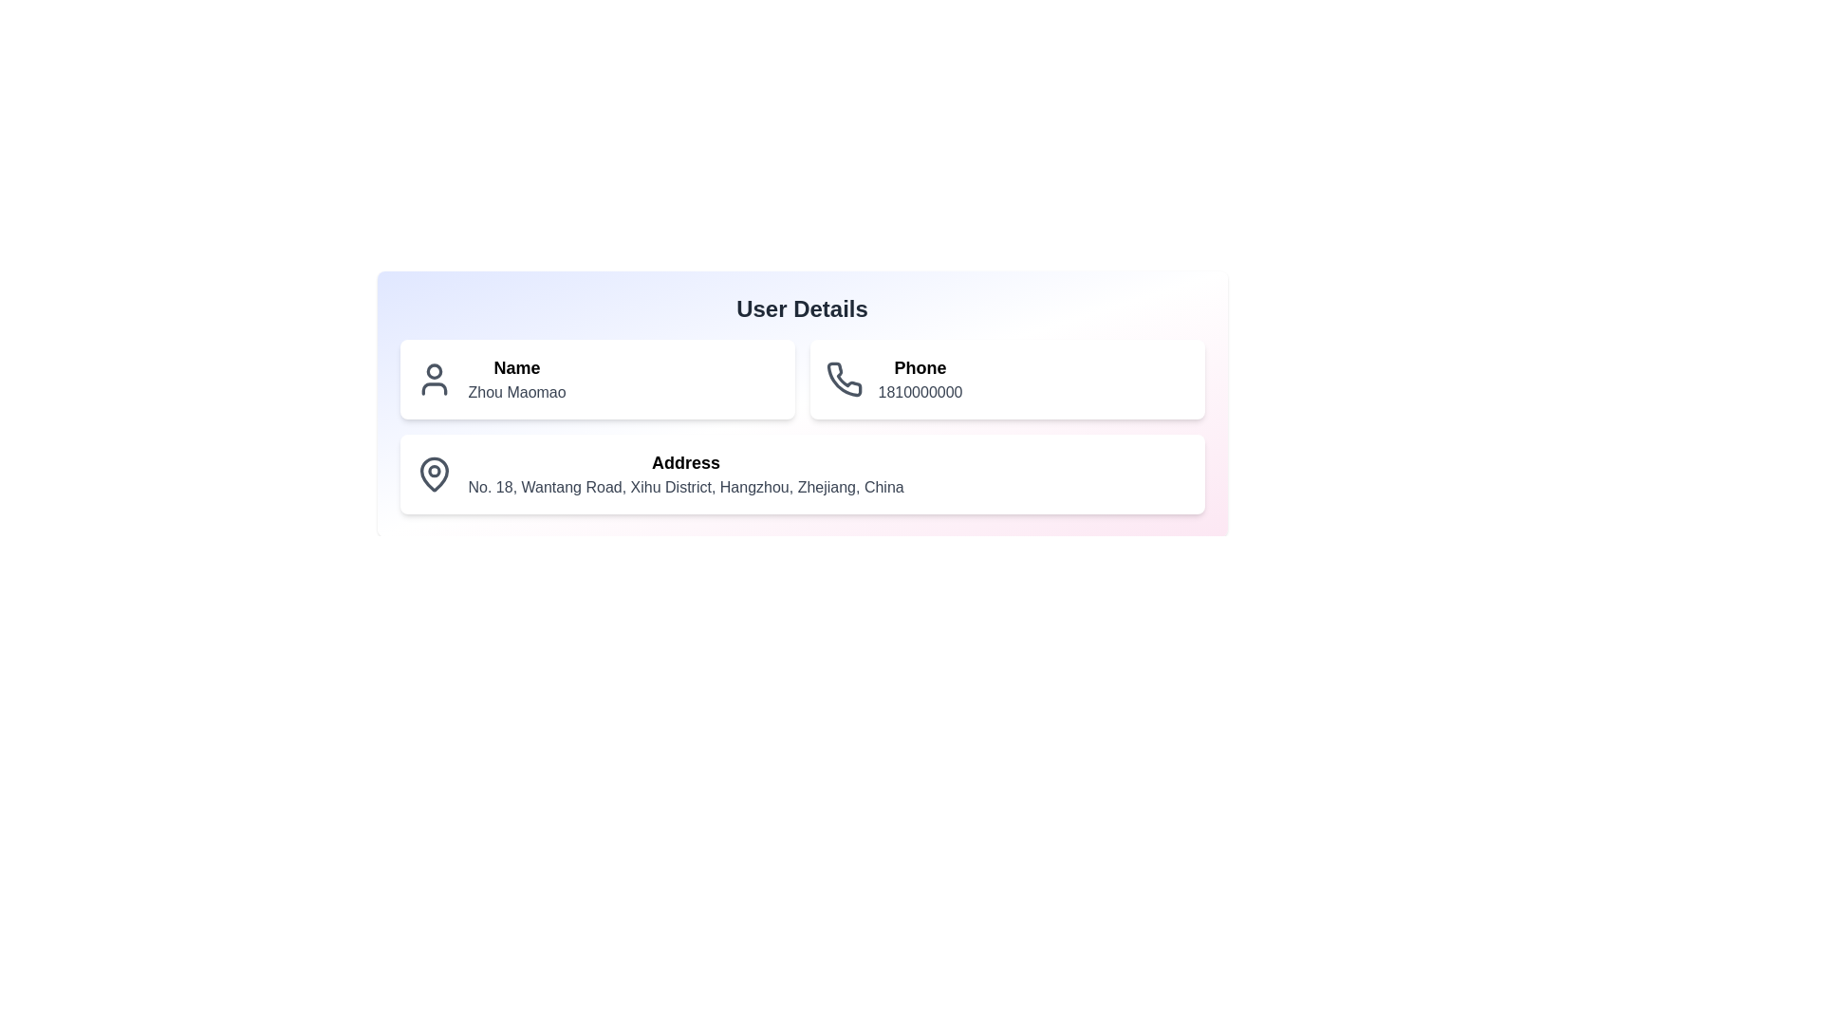  Describe the element at coordinates (433, 470) in the screenshot. I see `the graphical element representing the map pin icon, which is a small circle located near the text 'Address' in the bottom-left portion of the UI` at that location.